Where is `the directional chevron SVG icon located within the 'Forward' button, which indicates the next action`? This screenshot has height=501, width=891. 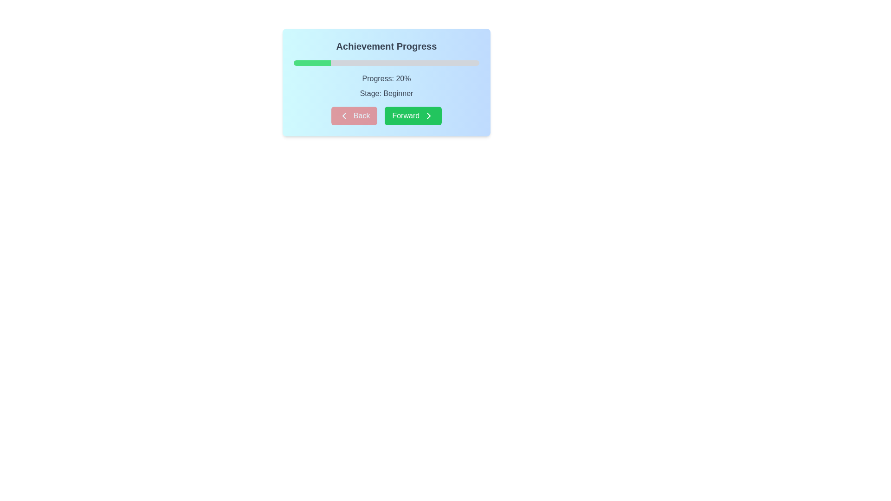 the directional chevron SVG icon located within the 'Forward' button, which indicates the next action is located at coordinates (428, 116).